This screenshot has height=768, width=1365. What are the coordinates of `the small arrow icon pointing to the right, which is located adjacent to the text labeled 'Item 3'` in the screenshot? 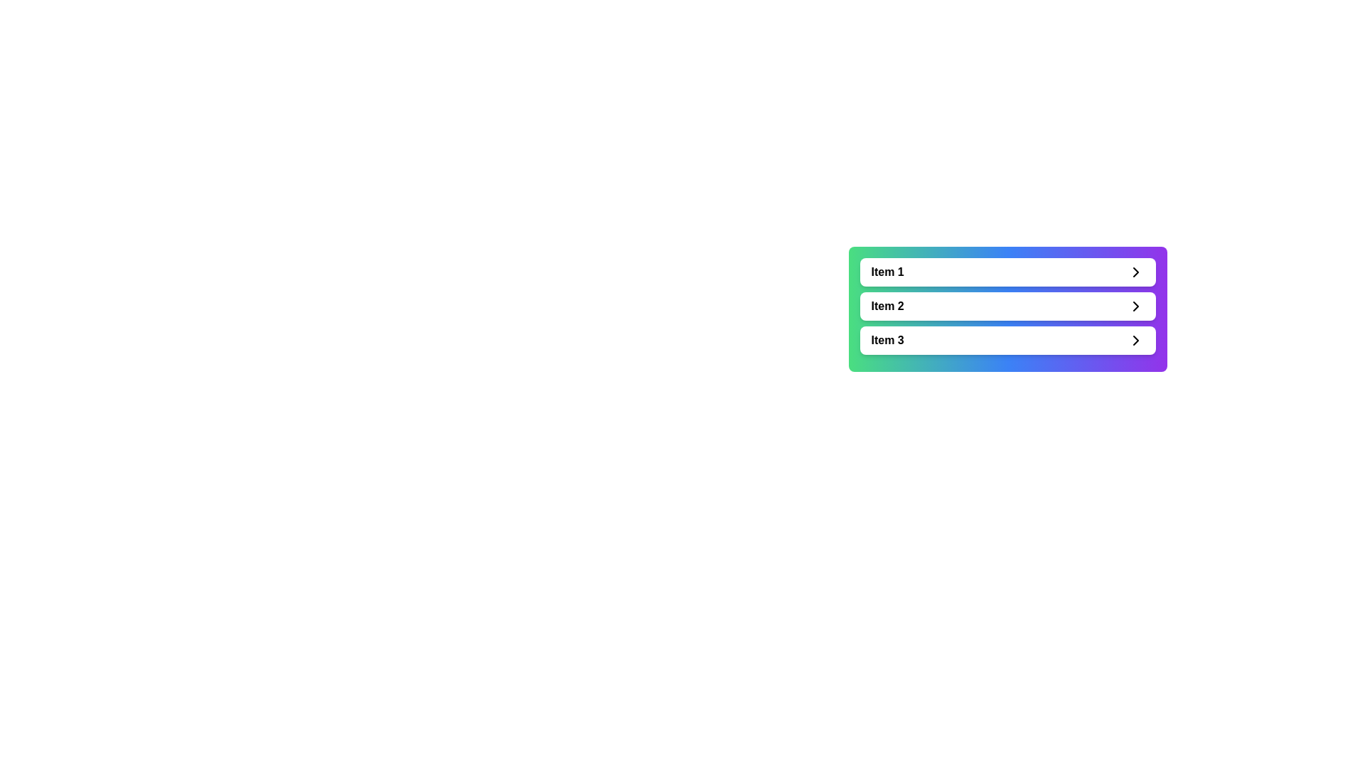 It's located at (1135, 340).